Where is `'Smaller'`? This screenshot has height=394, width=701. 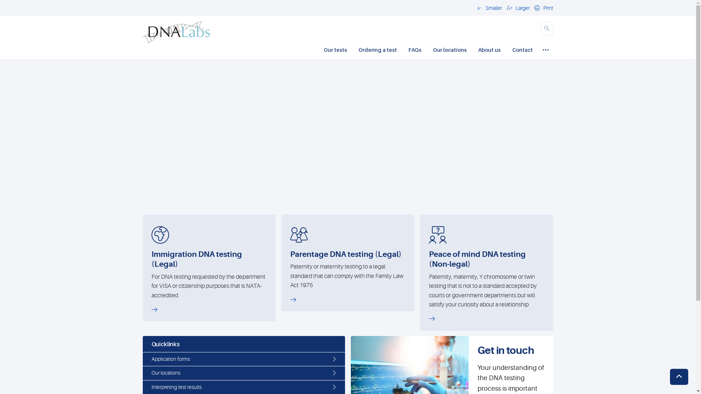 'Smaller' is located at coordinates (488, 7).